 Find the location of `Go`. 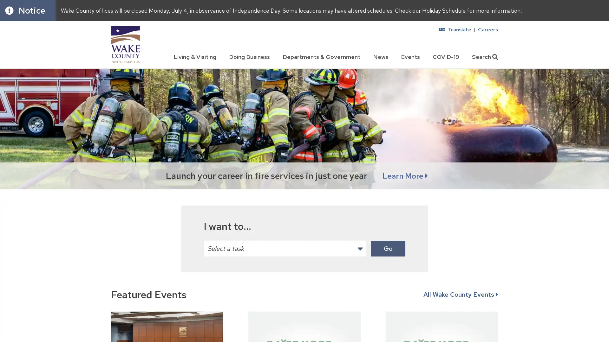

Go is located at coordinates (388, 248).